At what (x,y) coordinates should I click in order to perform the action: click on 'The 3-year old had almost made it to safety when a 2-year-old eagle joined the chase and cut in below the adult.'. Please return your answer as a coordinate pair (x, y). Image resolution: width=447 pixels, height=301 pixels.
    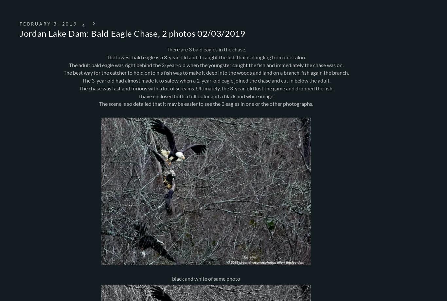
    Looking at the image, I should click on (206, 80).